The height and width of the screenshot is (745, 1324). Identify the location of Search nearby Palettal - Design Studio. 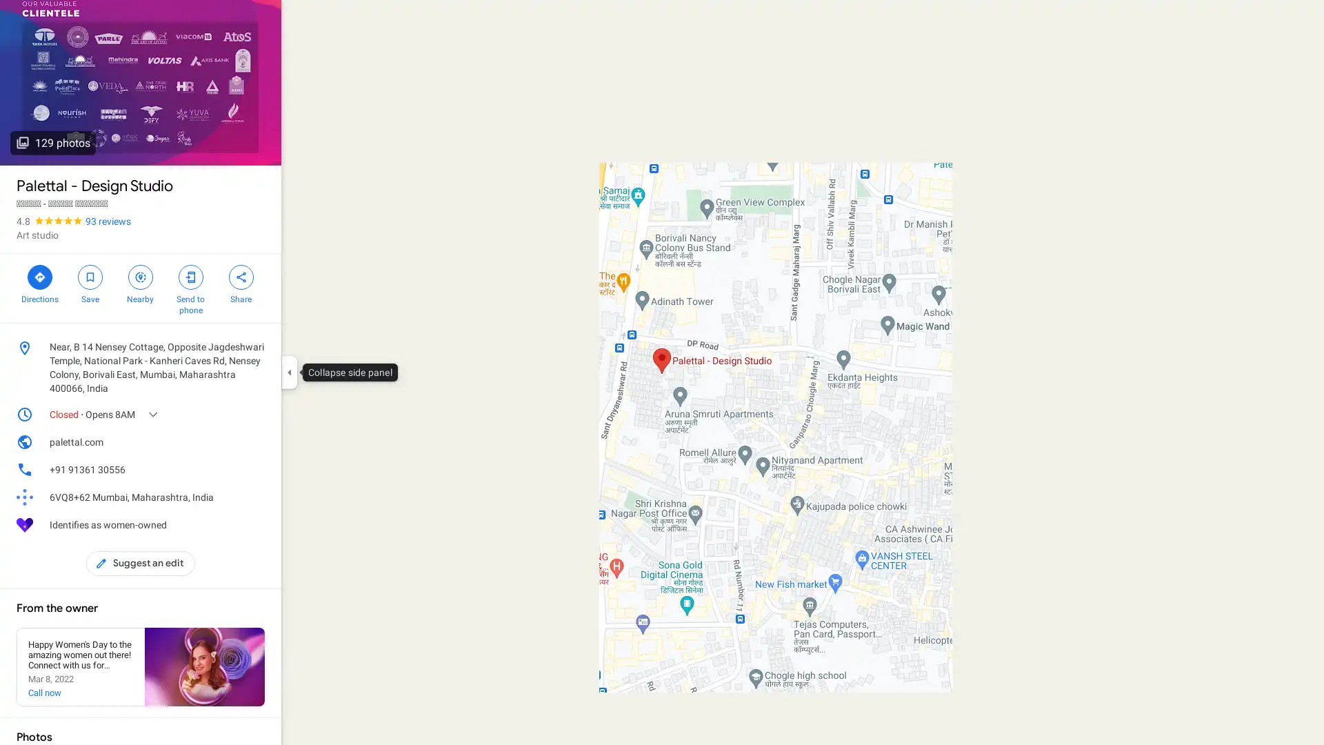
(140, 281).